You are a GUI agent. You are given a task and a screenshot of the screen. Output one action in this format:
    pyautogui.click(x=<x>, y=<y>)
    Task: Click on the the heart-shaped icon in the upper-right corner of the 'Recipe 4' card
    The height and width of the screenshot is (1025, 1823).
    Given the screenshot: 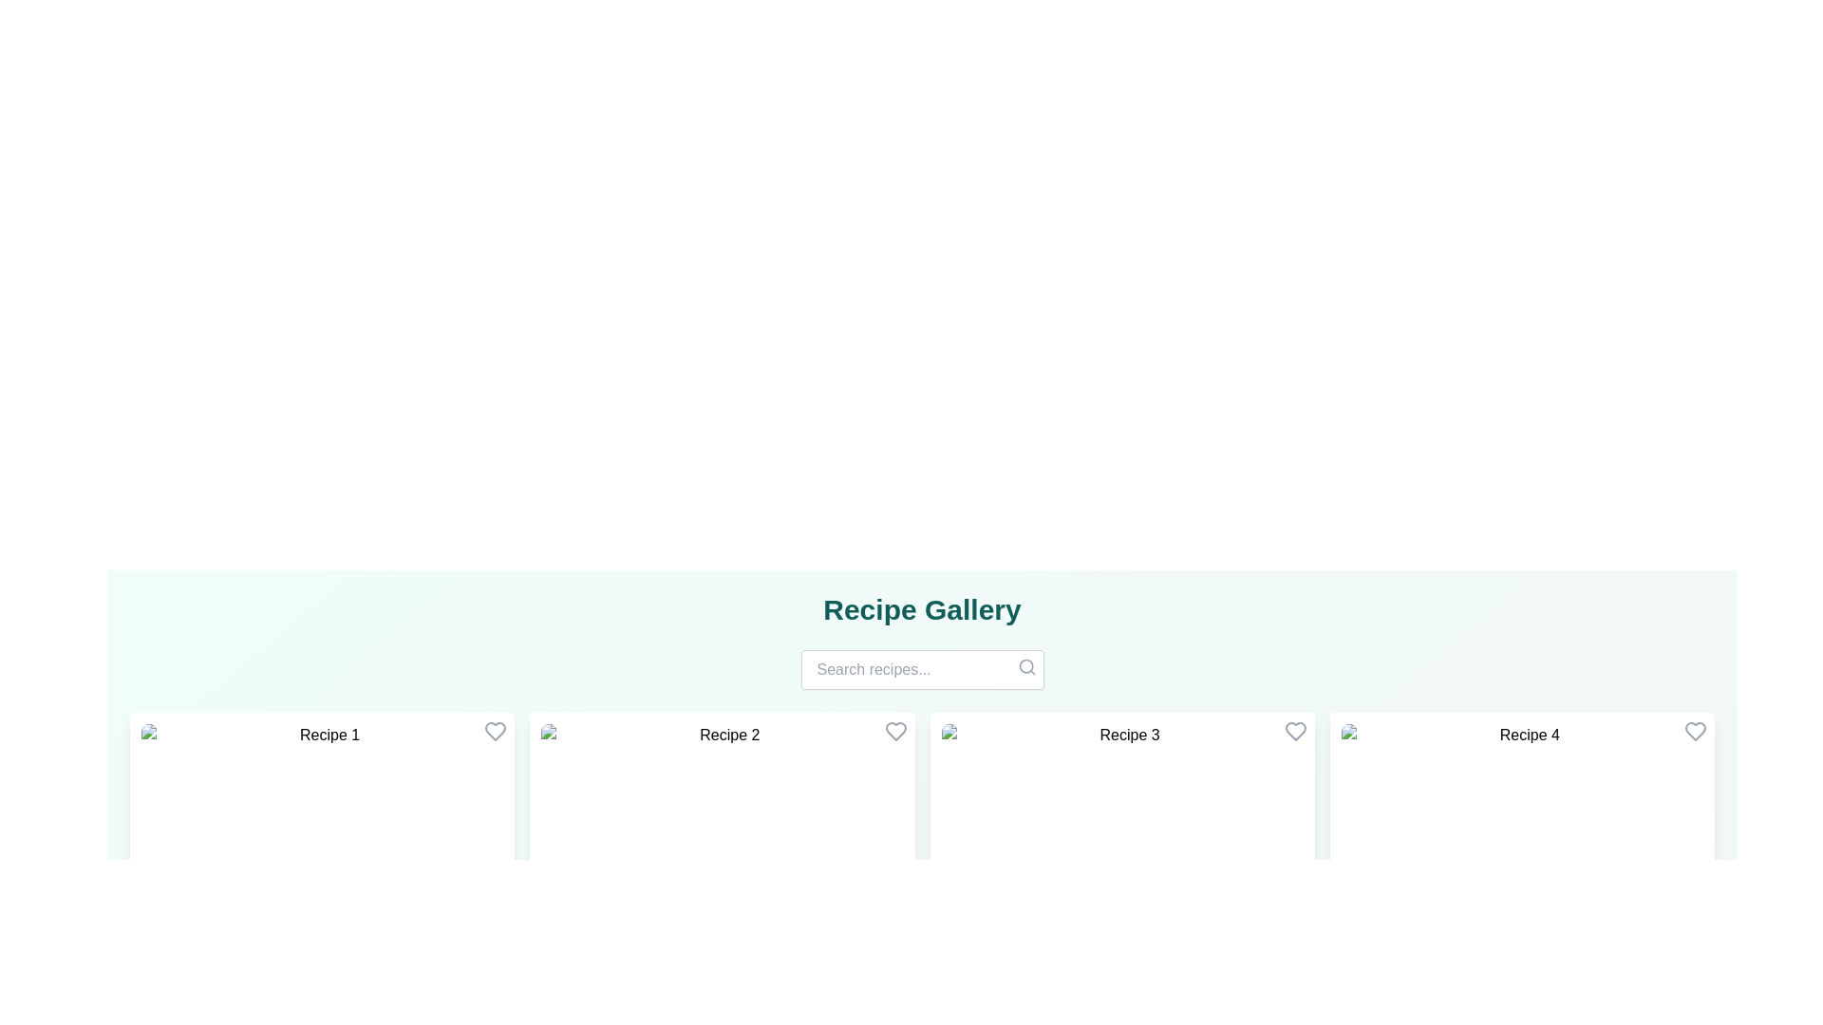 What is the action you would take?
    pyautogui.click(x=1695, y=731)
    